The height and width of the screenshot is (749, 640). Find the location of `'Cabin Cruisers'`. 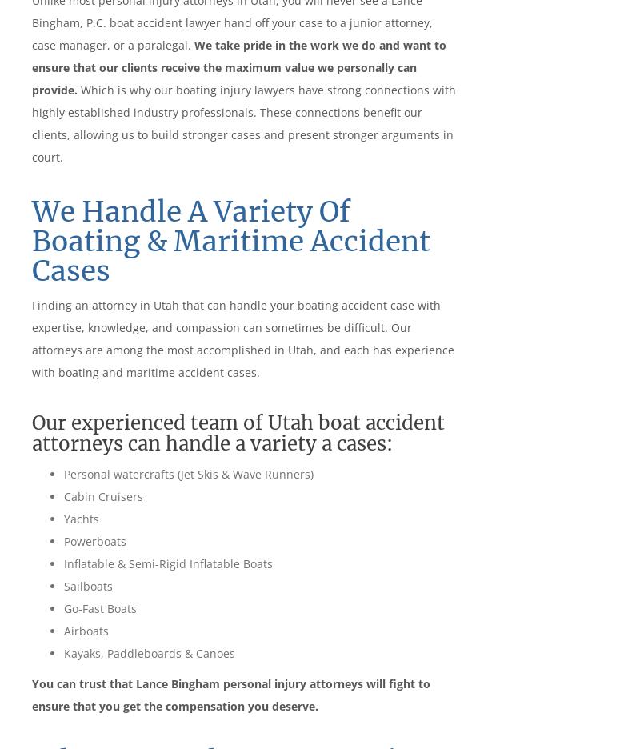

'Cabin Cruisers' is located at coordinates (102, 495).